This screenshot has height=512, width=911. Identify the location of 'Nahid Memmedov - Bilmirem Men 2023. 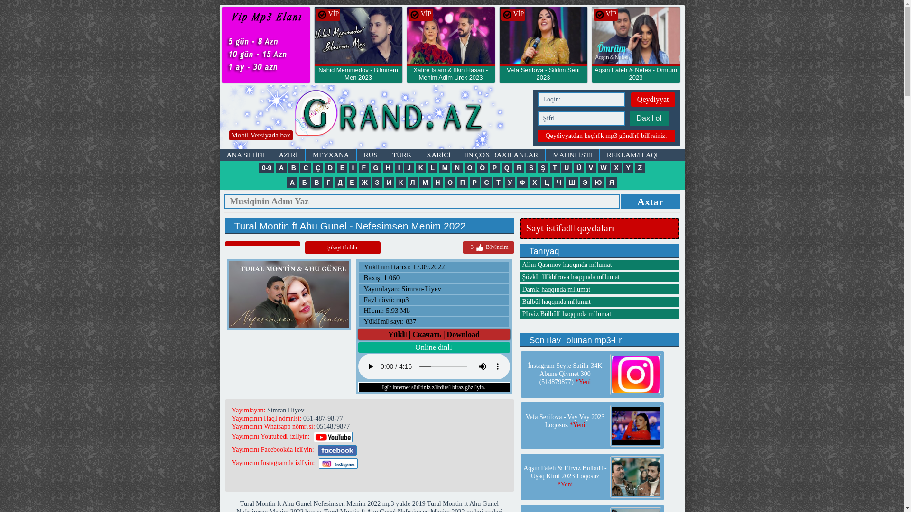
(357, 77).